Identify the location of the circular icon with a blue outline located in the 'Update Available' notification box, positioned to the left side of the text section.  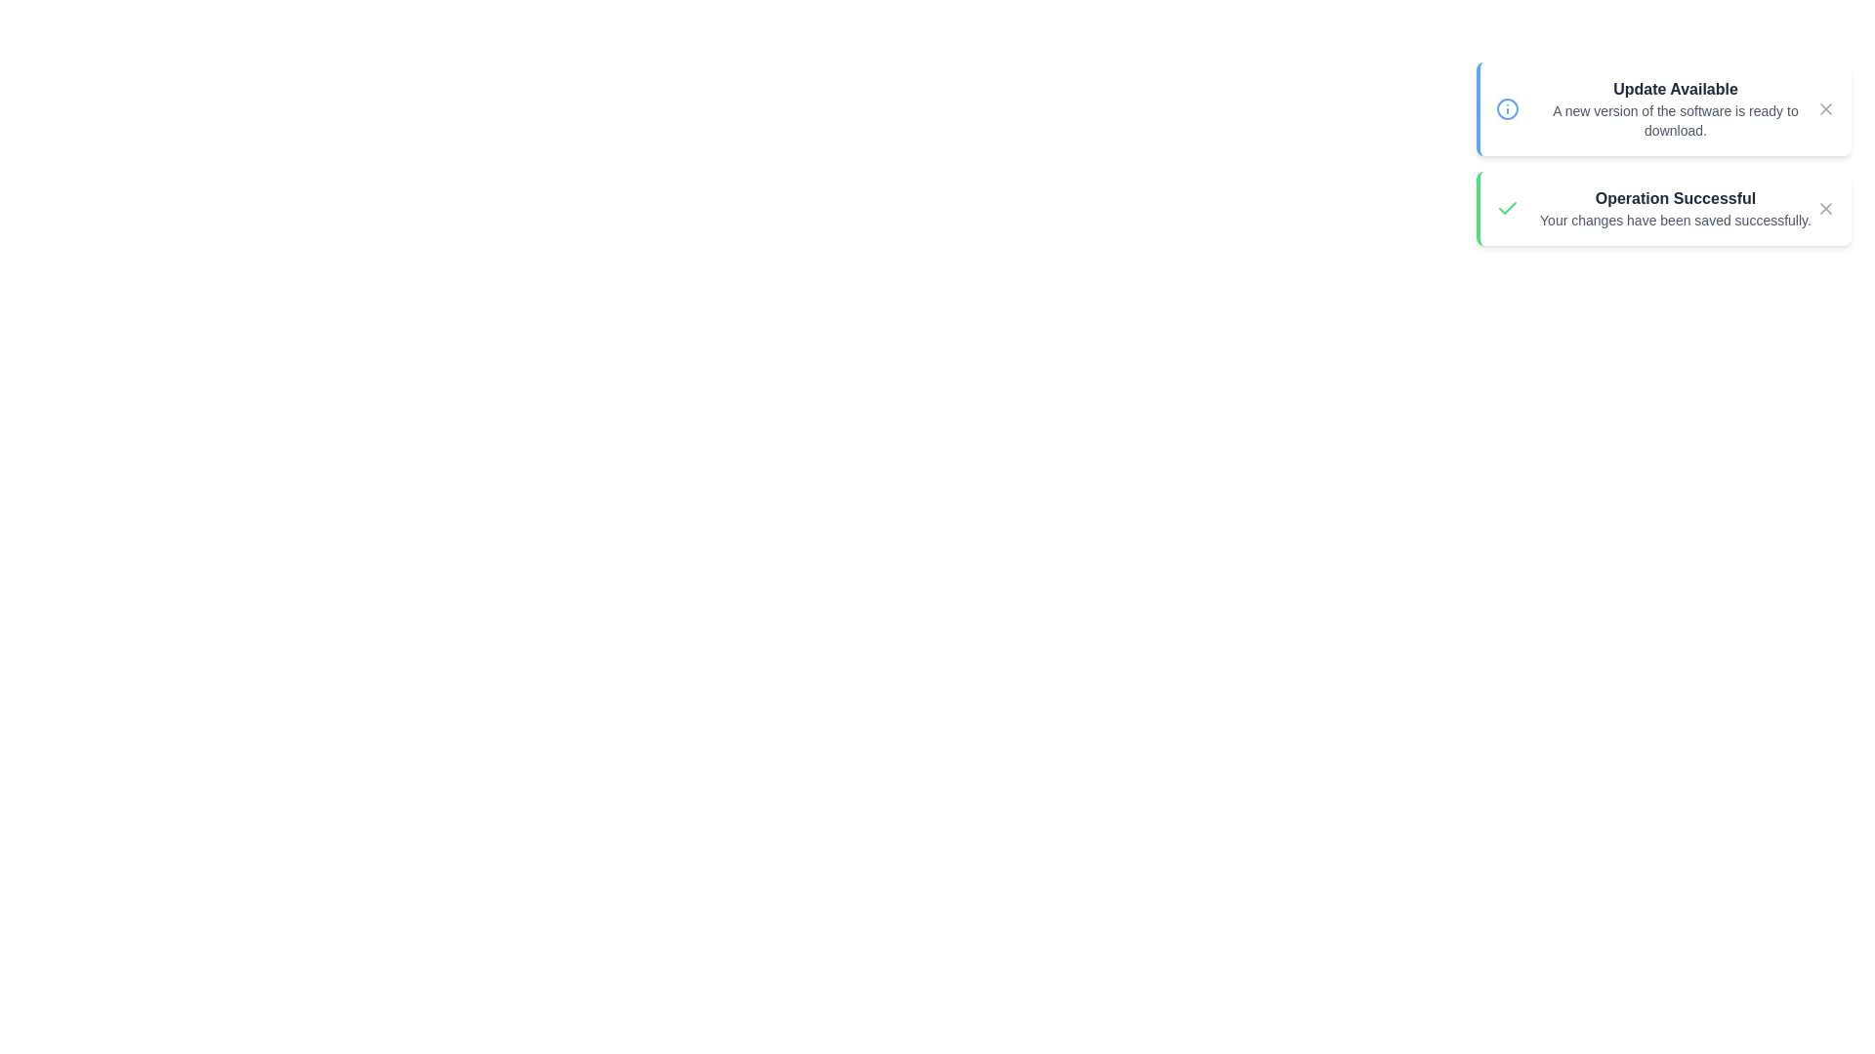
(1507, 108).